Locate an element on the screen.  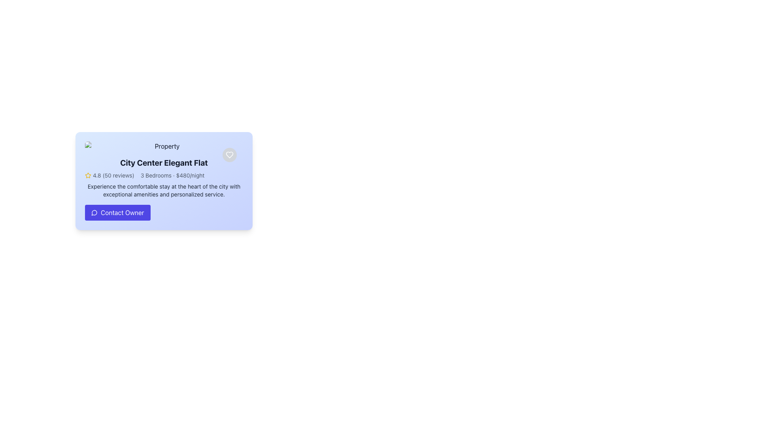
the yellow star icon associated with ratings or favorites located at the top-right corner of the rounded rectangle card interface is located at coordinates (88, 175).